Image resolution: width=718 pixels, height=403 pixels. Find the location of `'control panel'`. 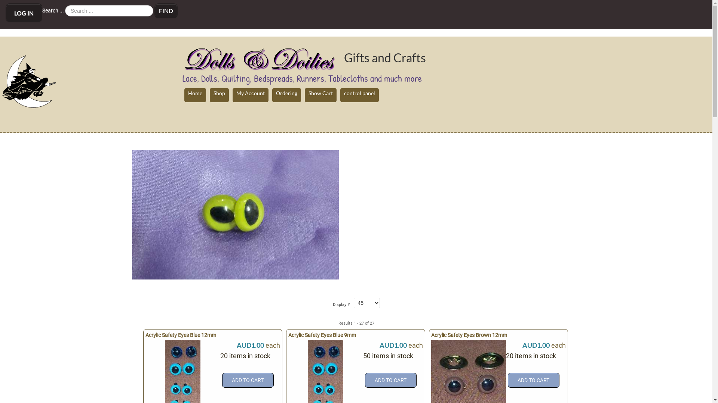

'control panel' is located at coordinates (340, 94).